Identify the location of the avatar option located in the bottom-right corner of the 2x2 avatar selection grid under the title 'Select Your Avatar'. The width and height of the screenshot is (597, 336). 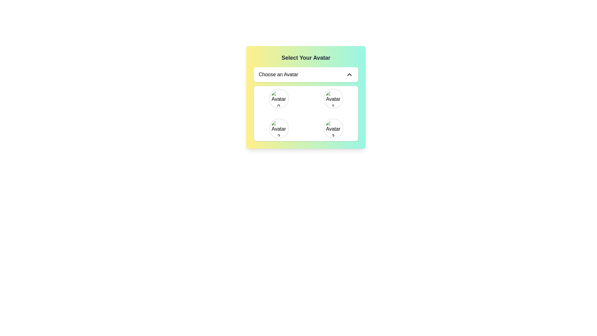
(333, 128).